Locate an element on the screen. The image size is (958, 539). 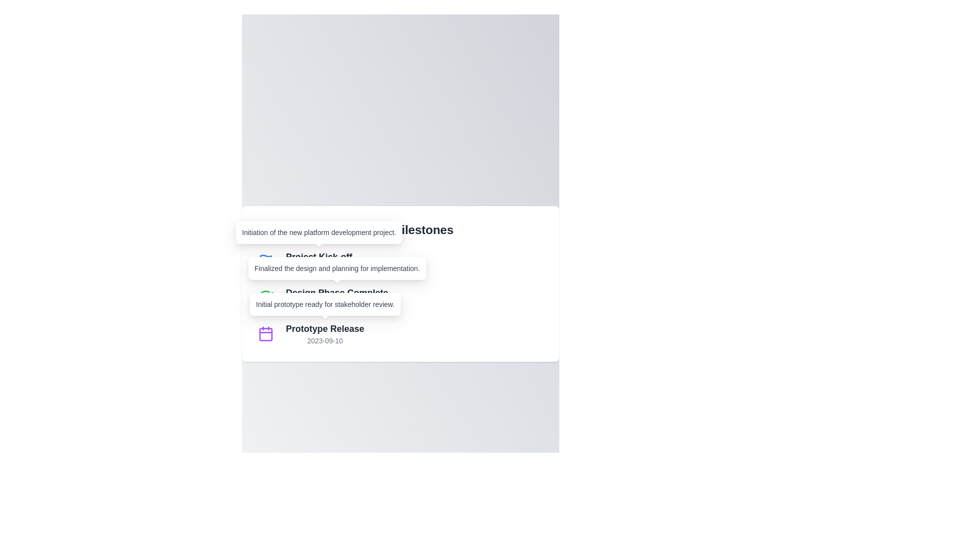
the static text label displaying the date associated with 'Prototype Release', located below the header in the lower-right quadrant is located at coordinates (325, 340).